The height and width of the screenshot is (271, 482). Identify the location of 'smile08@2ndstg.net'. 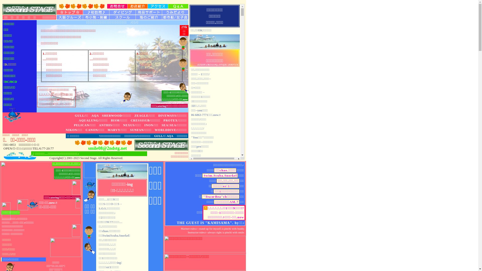
(107, 148).